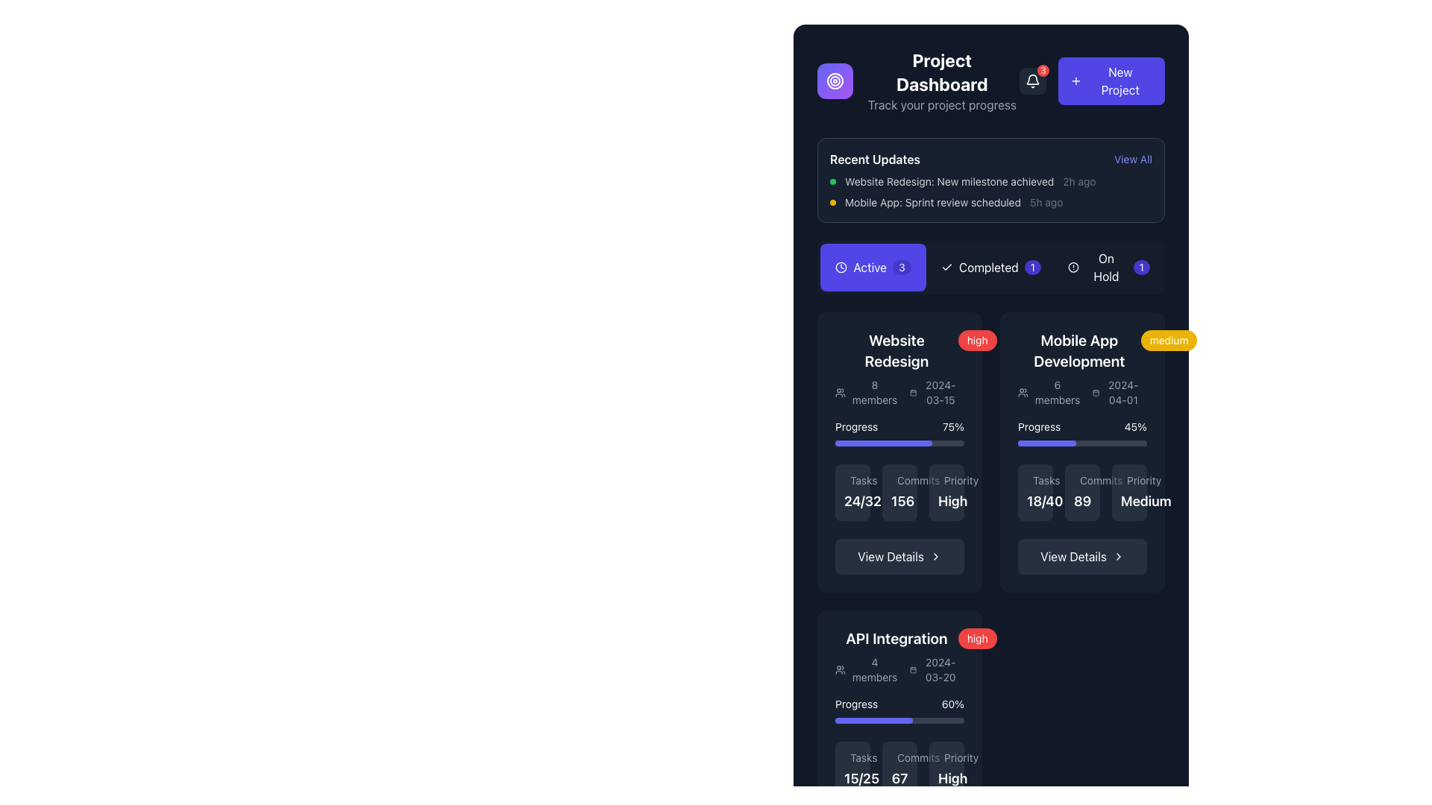  I want to click on the Information Display element that shows 'Commits' and '156', which is the second card in the 'Website Redesign' section, so click(899, 492).